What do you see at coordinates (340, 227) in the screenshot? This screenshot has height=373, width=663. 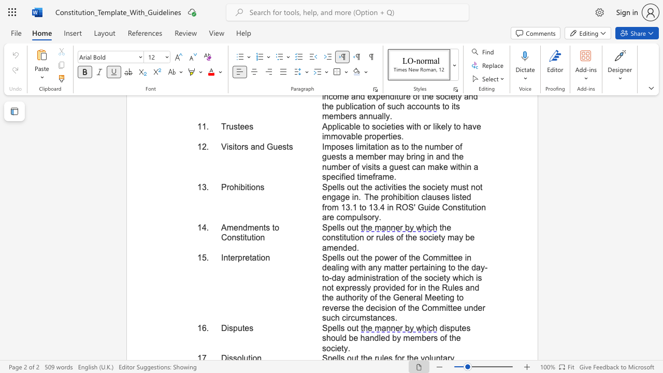 I see `the subset text "s o" within the text "Spells out"` at bounding box center [340, 227].